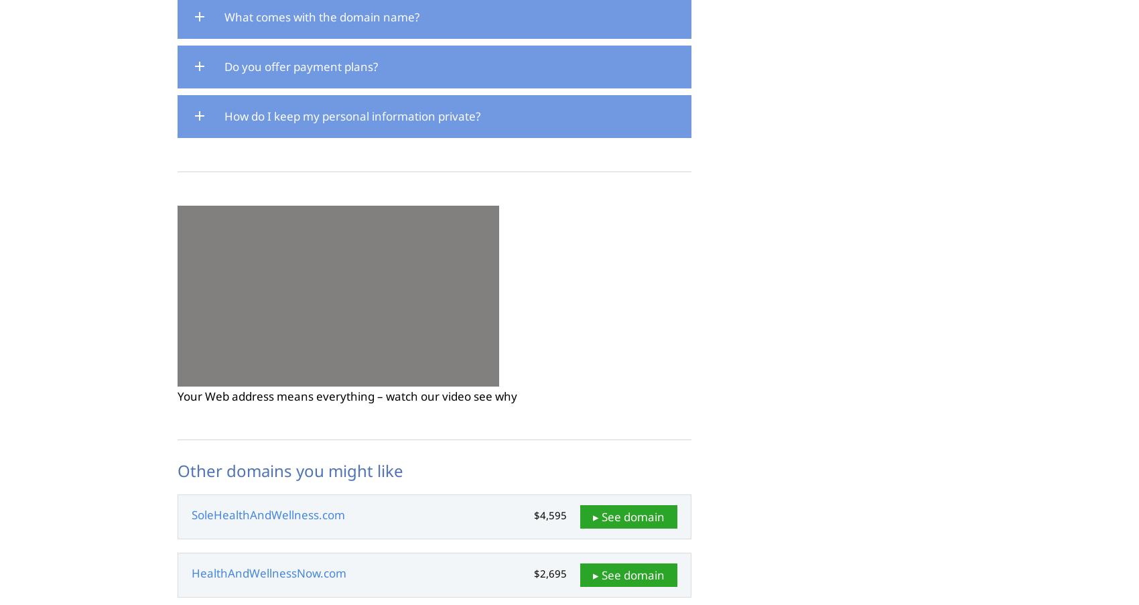 The width and height of the screenshot is (1139, 605). What do you see at coordinates (322, 16) in the screenshot?
I see `'What comes with the domain name?'` at bounding box center [322, 16].